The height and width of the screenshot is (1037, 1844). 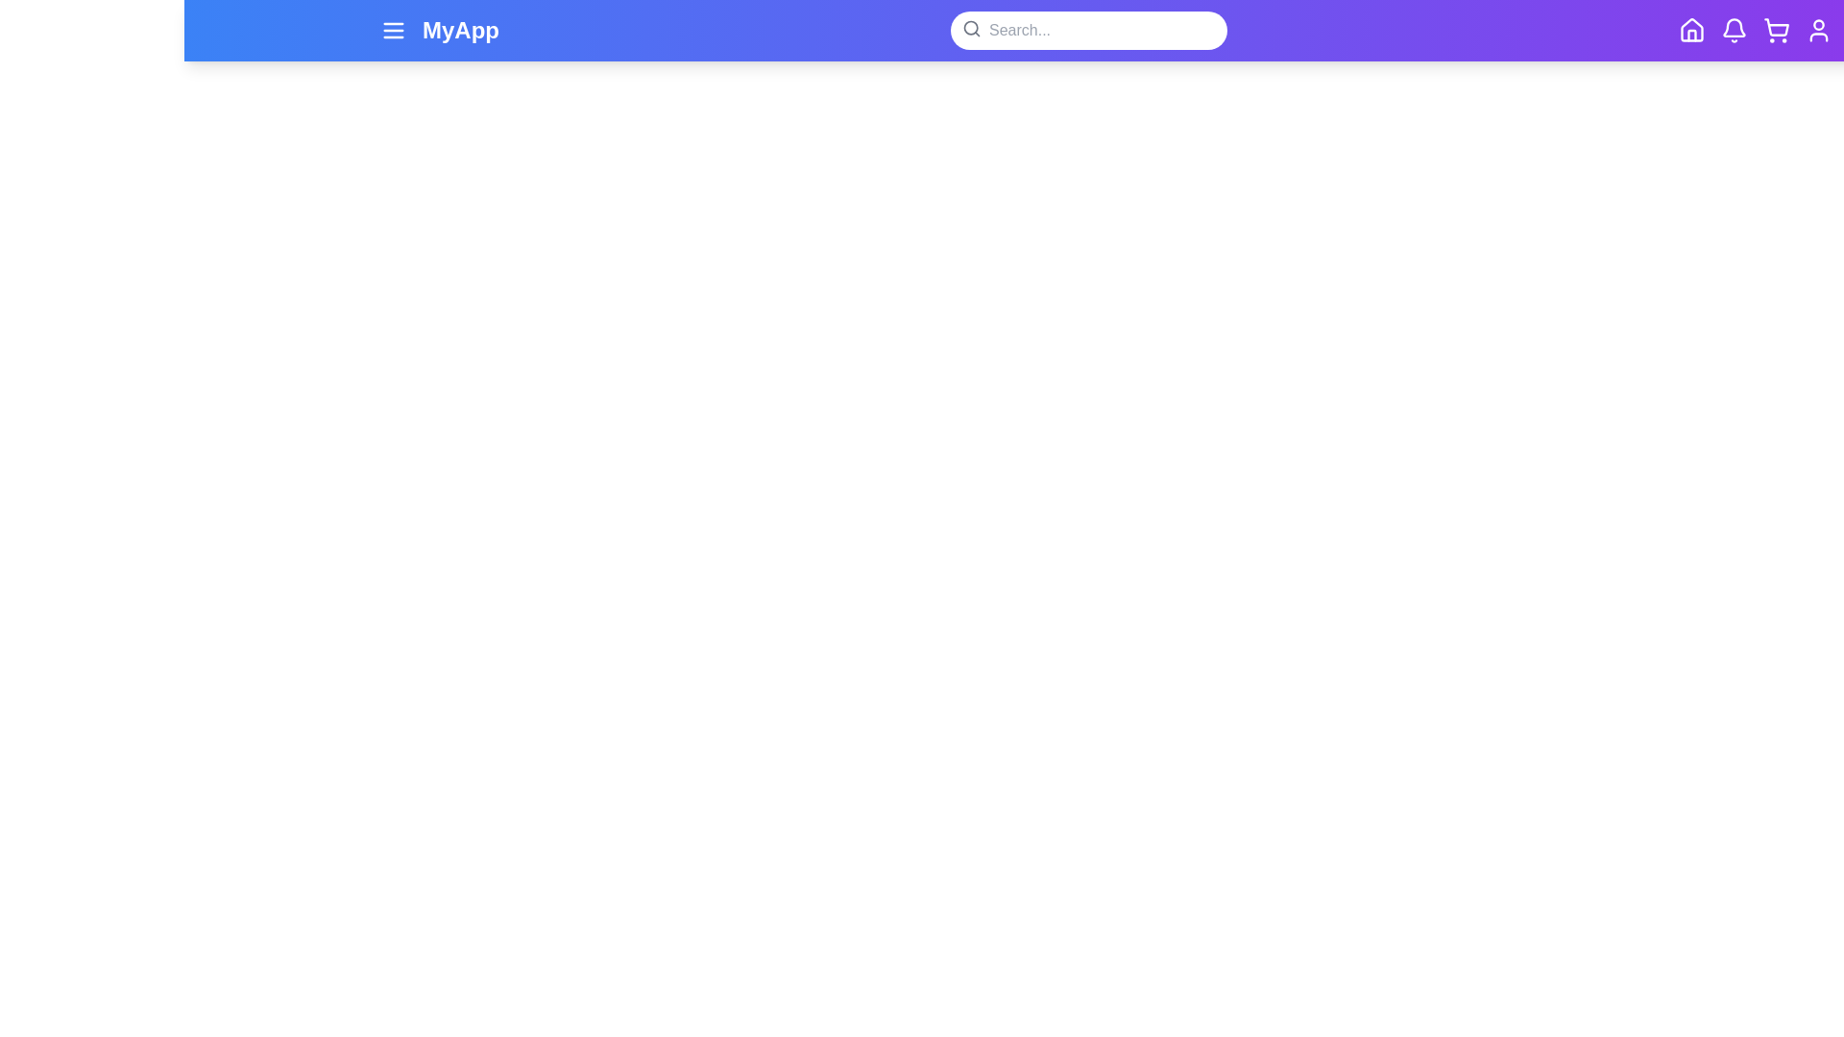 What do you see at coordinates (392, 30) in the screenshot?
I see `the menu button in the navigation bar` at bounding box center [392, 30].